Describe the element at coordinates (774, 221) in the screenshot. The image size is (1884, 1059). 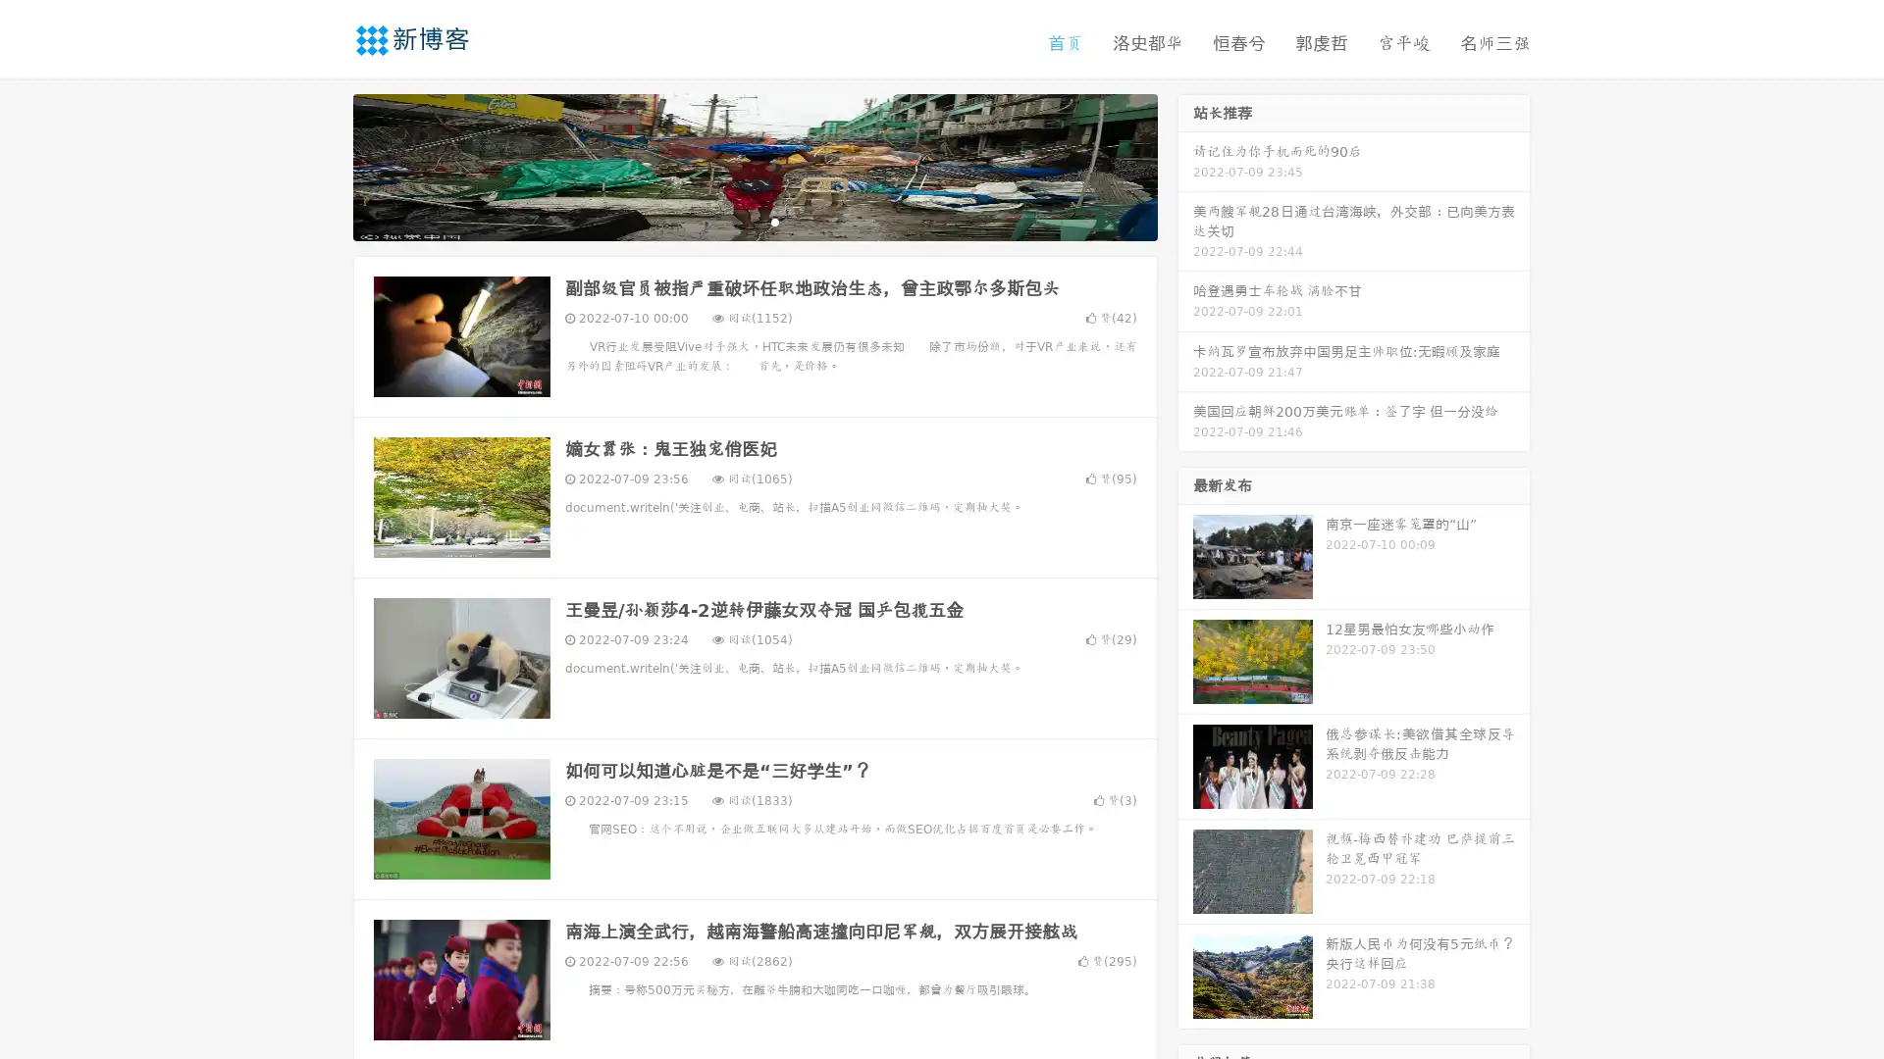
I see `Go to slide 3` at that location.